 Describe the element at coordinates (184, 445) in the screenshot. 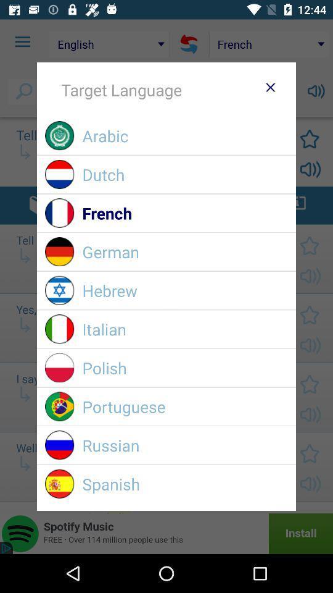

I see `the russian` at that location.